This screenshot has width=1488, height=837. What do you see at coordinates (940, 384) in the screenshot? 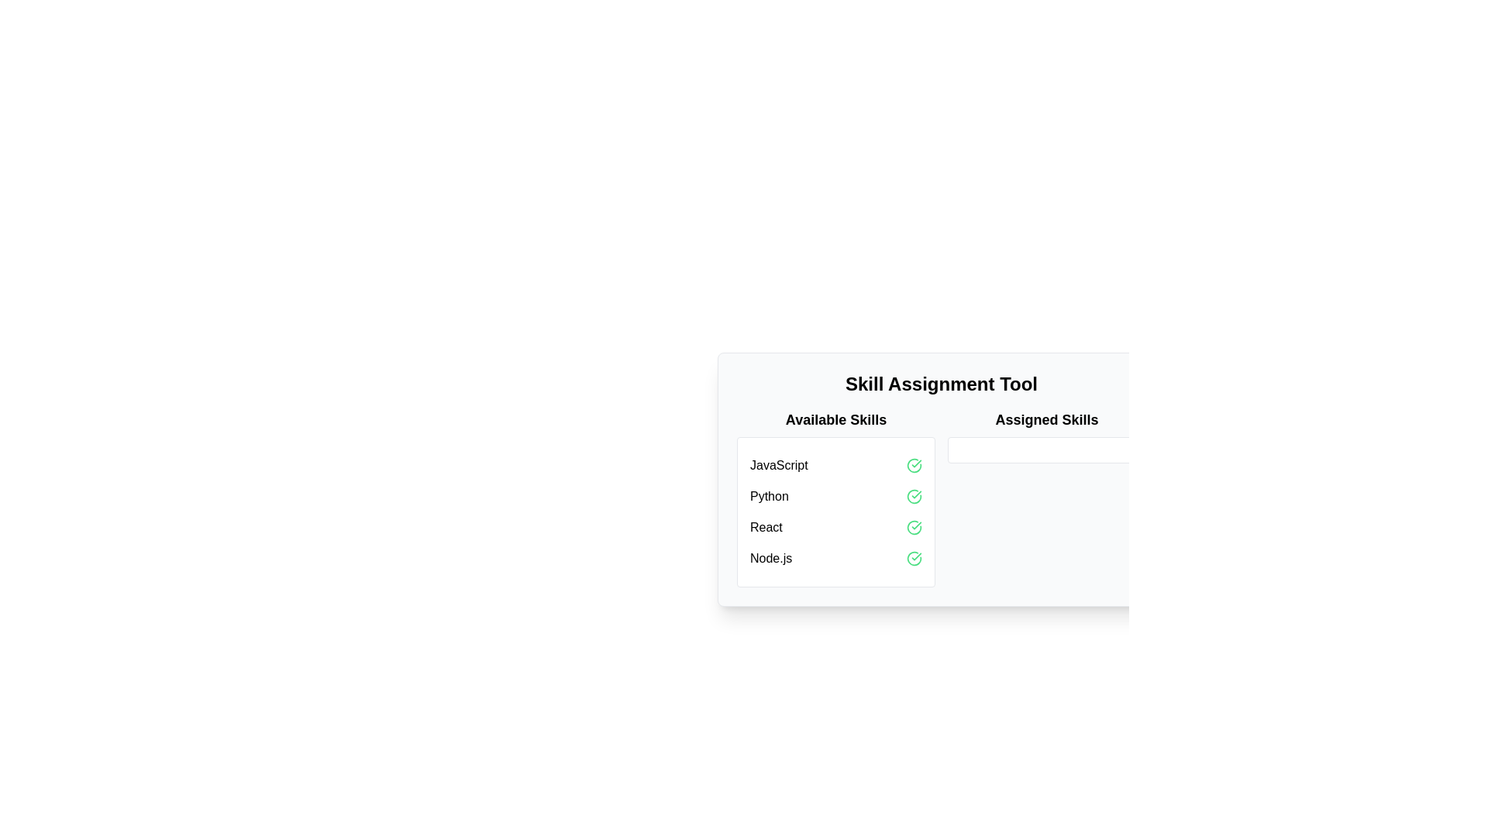
I see `the prominently styled heading text element displaying 'Skill Assignment Tool', which is located at the top center of its bordered and shadowed panel` at bounding box center [940, 384].